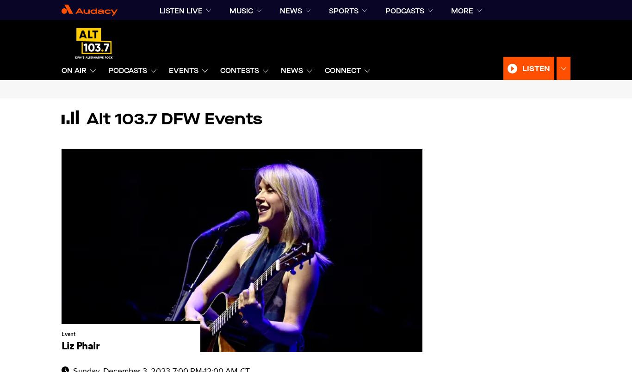  Describe the element at coordinates (521, 68) in the screenshot. I see `'listen'` at that location.